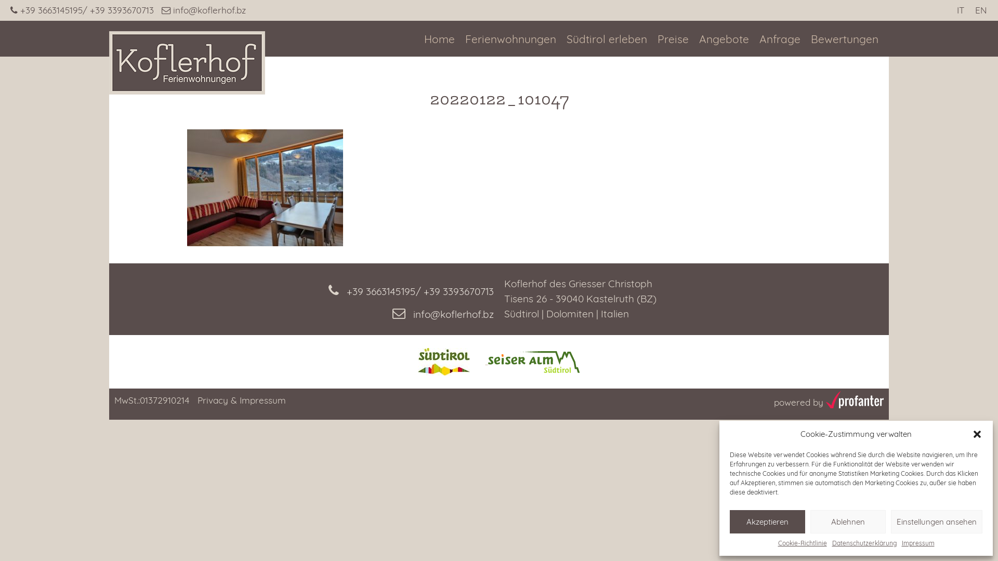  Describe the element at coordinates (960, 10) in the screenshot. I see `'IT'` at that location.